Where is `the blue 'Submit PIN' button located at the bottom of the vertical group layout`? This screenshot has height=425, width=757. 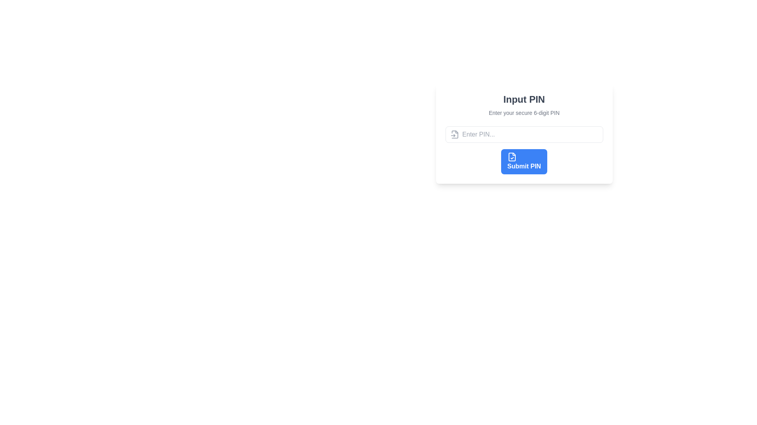
the blue 'Submit PIN' button located at the bottom of the vertical group layout is located at coordinates (524, 161).